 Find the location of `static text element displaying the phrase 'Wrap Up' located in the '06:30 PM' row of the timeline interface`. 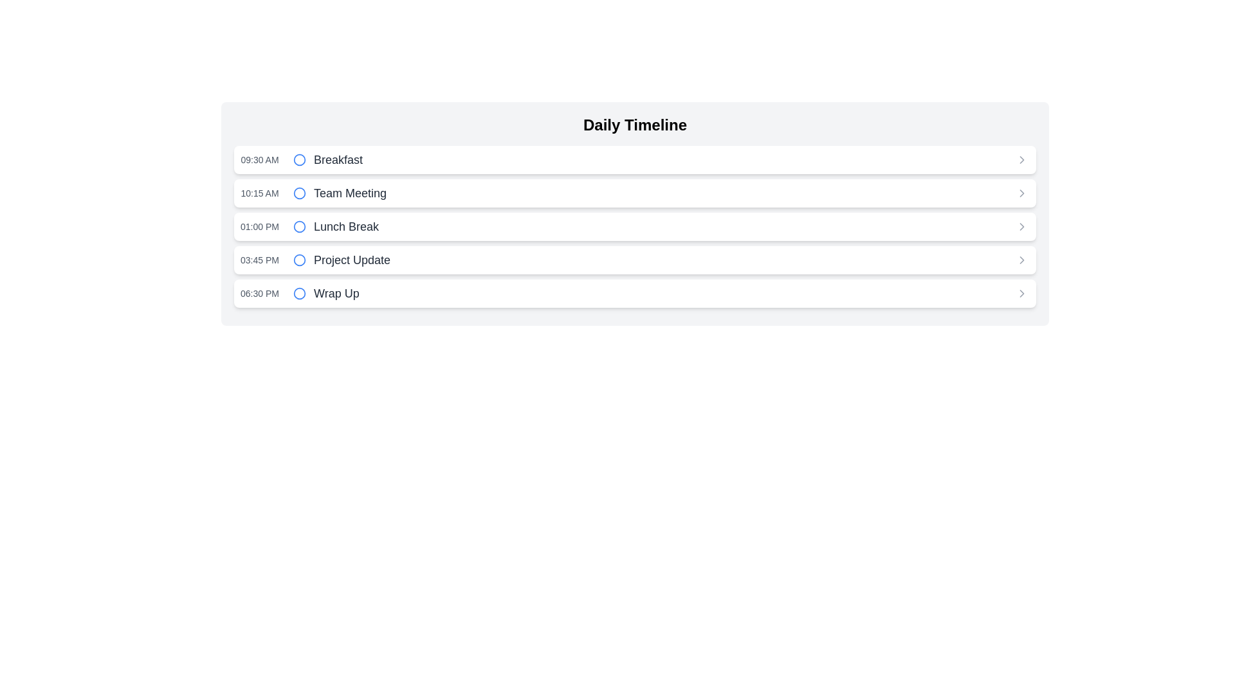

static text element displaying the phrase 'Wrap Up' located in the '06:30 PM' row of the timeline interface is located at coordinates (336, 293).